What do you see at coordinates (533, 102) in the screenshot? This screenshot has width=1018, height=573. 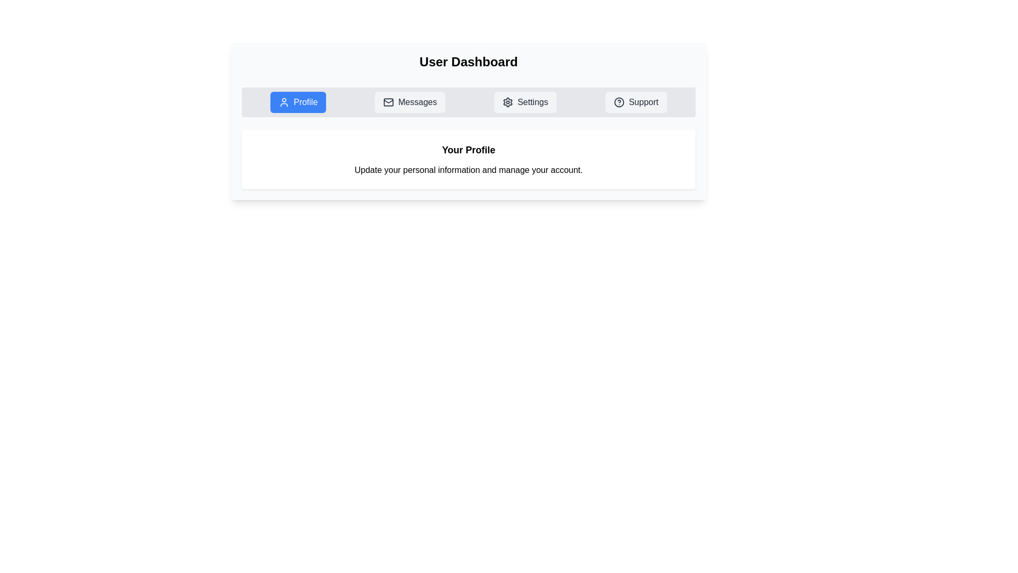 I see `the text label 'Settings' within the button component, which indicates navigation to the settings page` at bounding box center [533, 102].